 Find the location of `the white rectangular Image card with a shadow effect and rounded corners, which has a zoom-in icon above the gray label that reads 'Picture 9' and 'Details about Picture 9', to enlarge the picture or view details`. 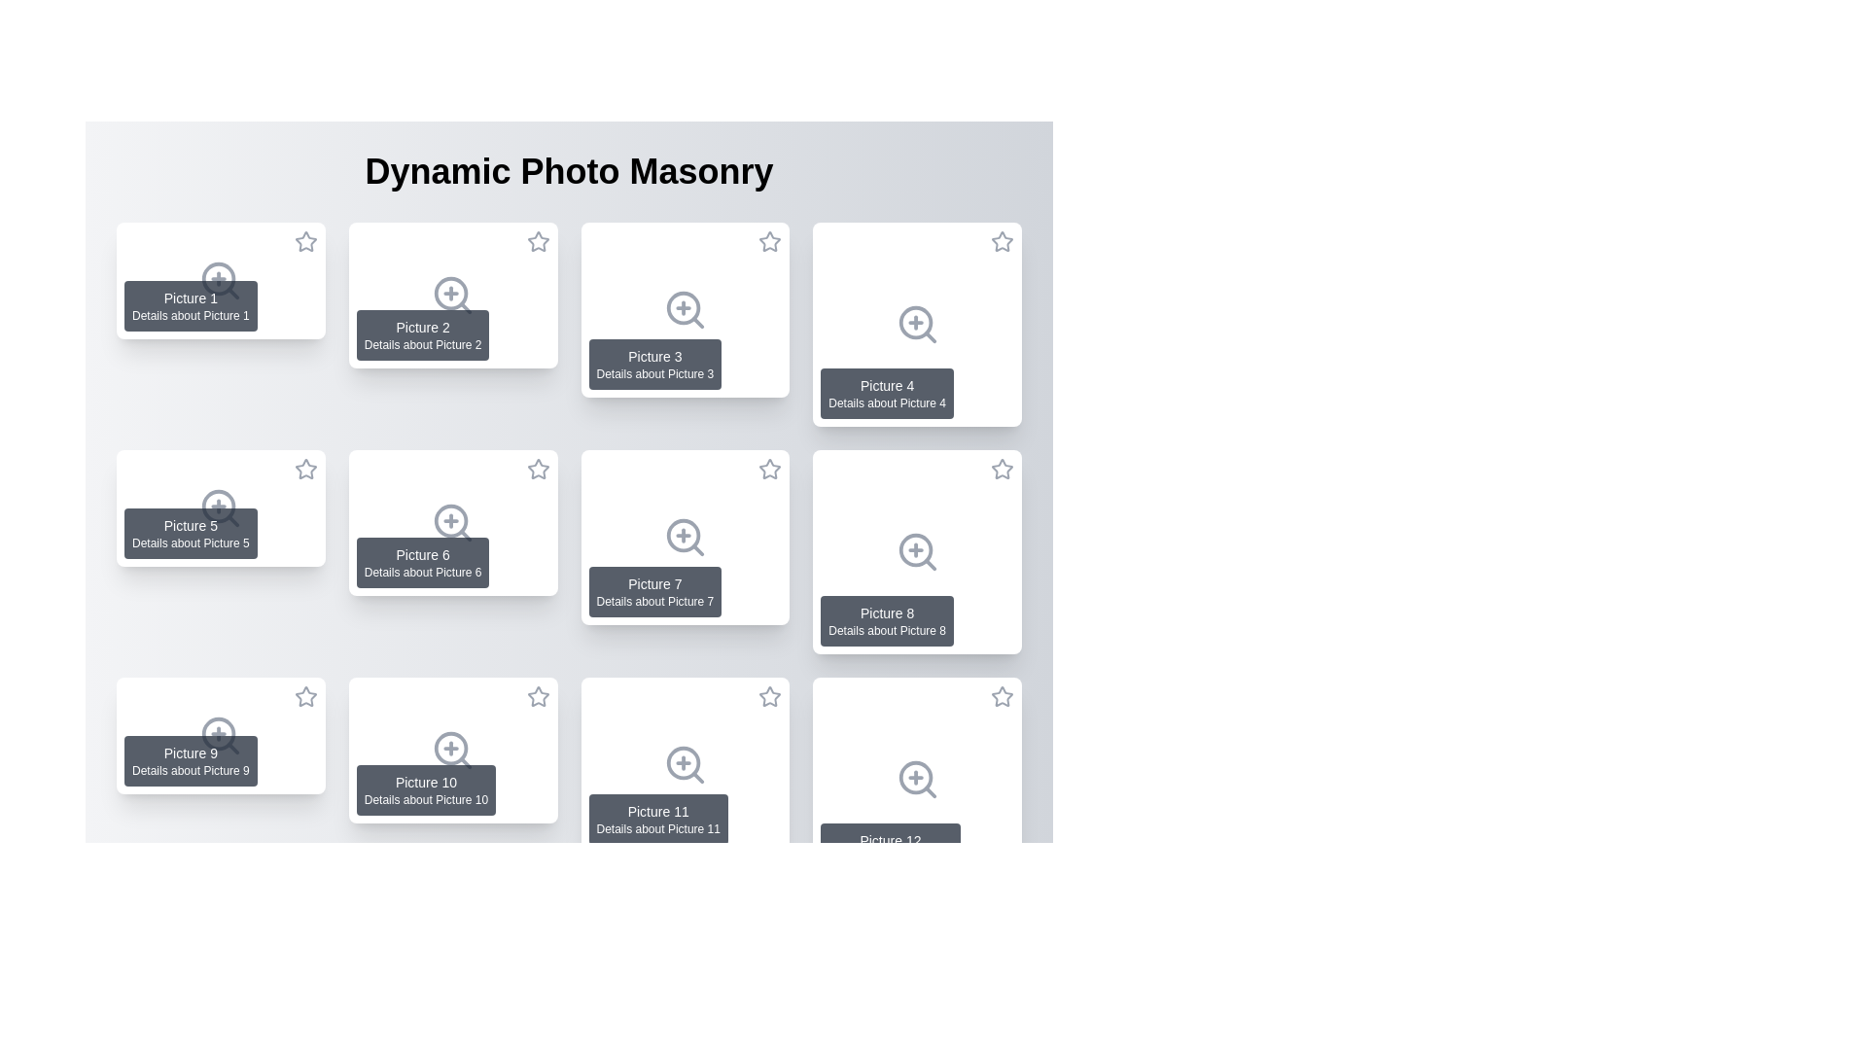

the white rectangular Image card with a shadow effect and rounded corners, which has a zoom-in icon above the gray label that reads 'Picture 9' and 'Details about Picture 9', to enlarge the picture or view details is located at coordinates (221, 735).